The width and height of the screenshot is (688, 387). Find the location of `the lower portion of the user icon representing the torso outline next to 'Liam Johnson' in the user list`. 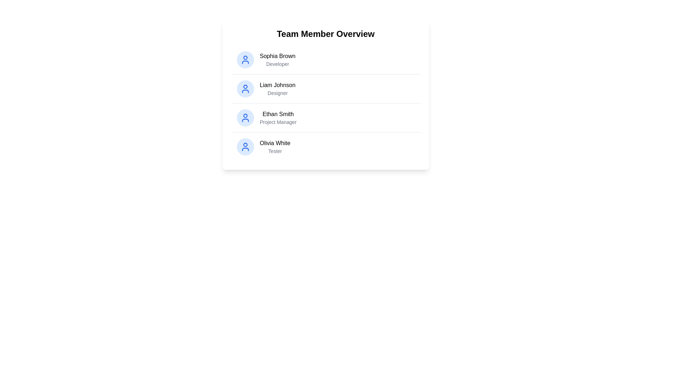

the lower portion of the user icon representing the torso outline next to 'Liam Johnson' in the user list is located at coordinates (245, 91).